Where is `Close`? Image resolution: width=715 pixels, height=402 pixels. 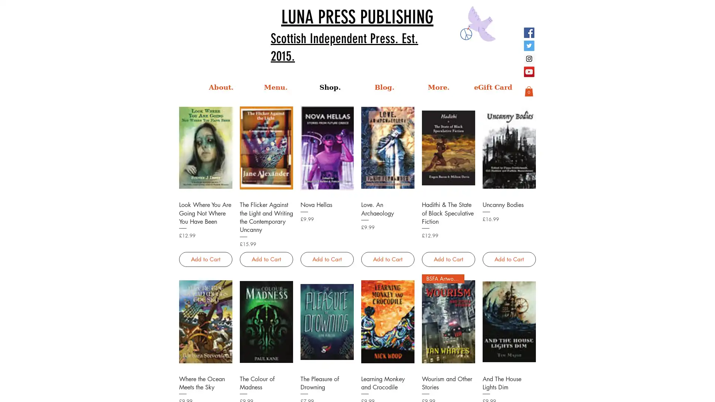 Close is located at coordinates (706, 390).